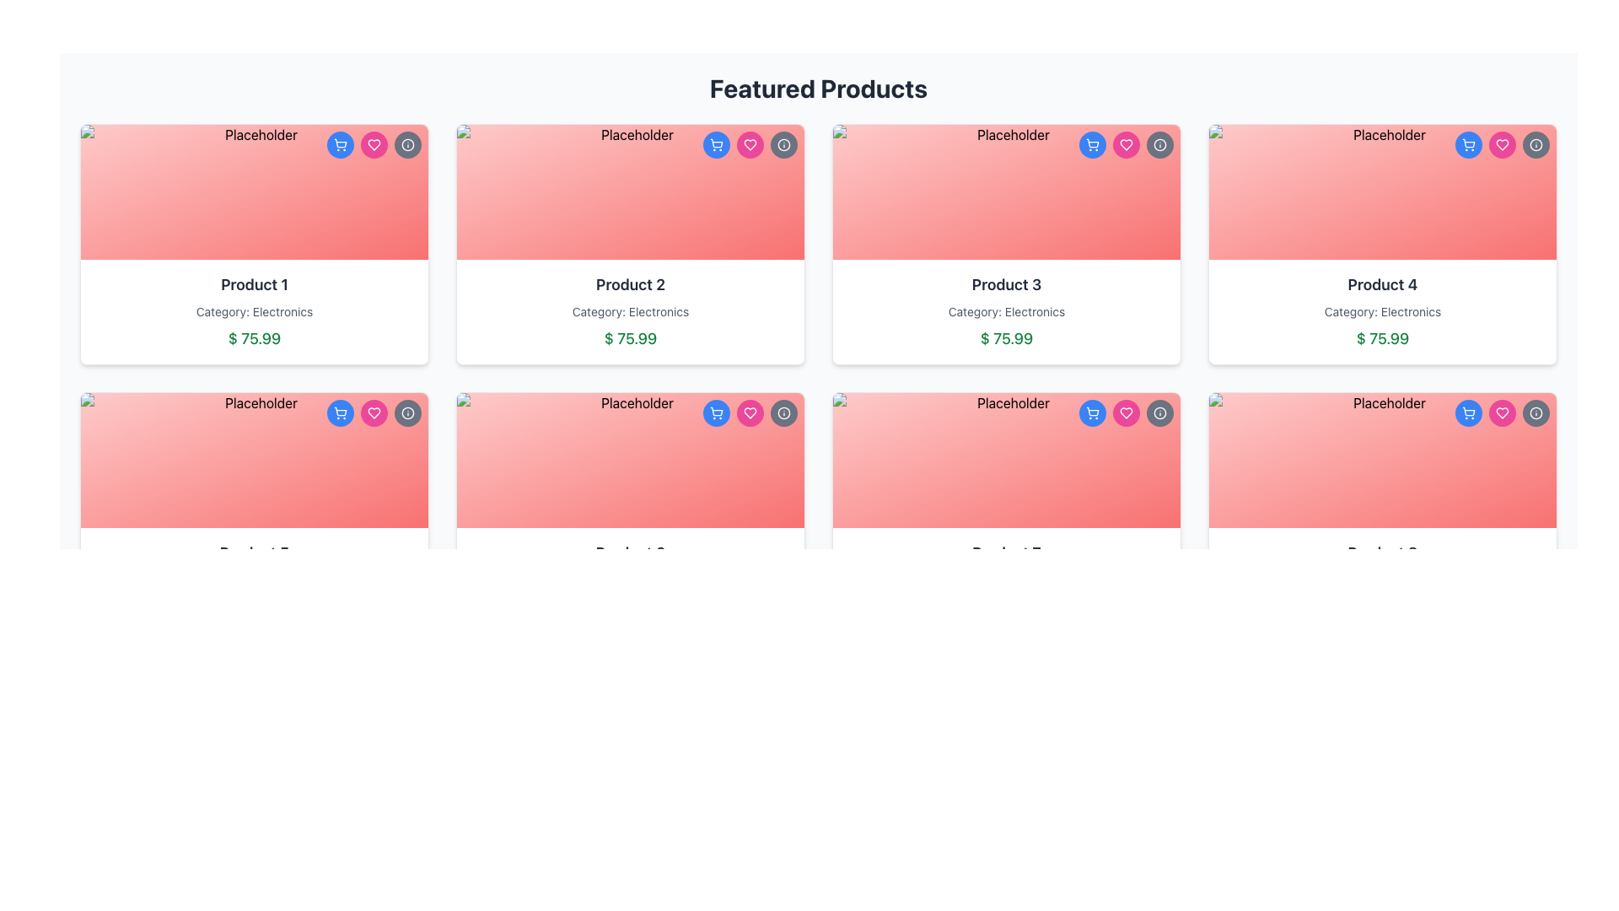 This screenshot has height=911, width=1619. What do you see at coordinates (1093, 144) in the screenshot?
I see `the blue shopping cart icon with a white outline located in the top-right corner of the 'Product 3' card` at bounding box center [1093, 144].